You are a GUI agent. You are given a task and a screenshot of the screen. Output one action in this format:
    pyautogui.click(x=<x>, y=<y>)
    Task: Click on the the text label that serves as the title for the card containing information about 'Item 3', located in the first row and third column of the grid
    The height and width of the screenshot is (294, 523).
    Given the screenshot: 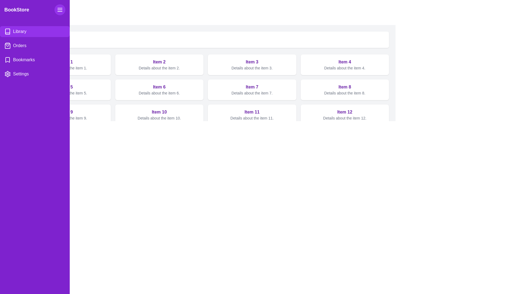 What is the action you would take?
    pyautogui.click(x=252, y=62)
    